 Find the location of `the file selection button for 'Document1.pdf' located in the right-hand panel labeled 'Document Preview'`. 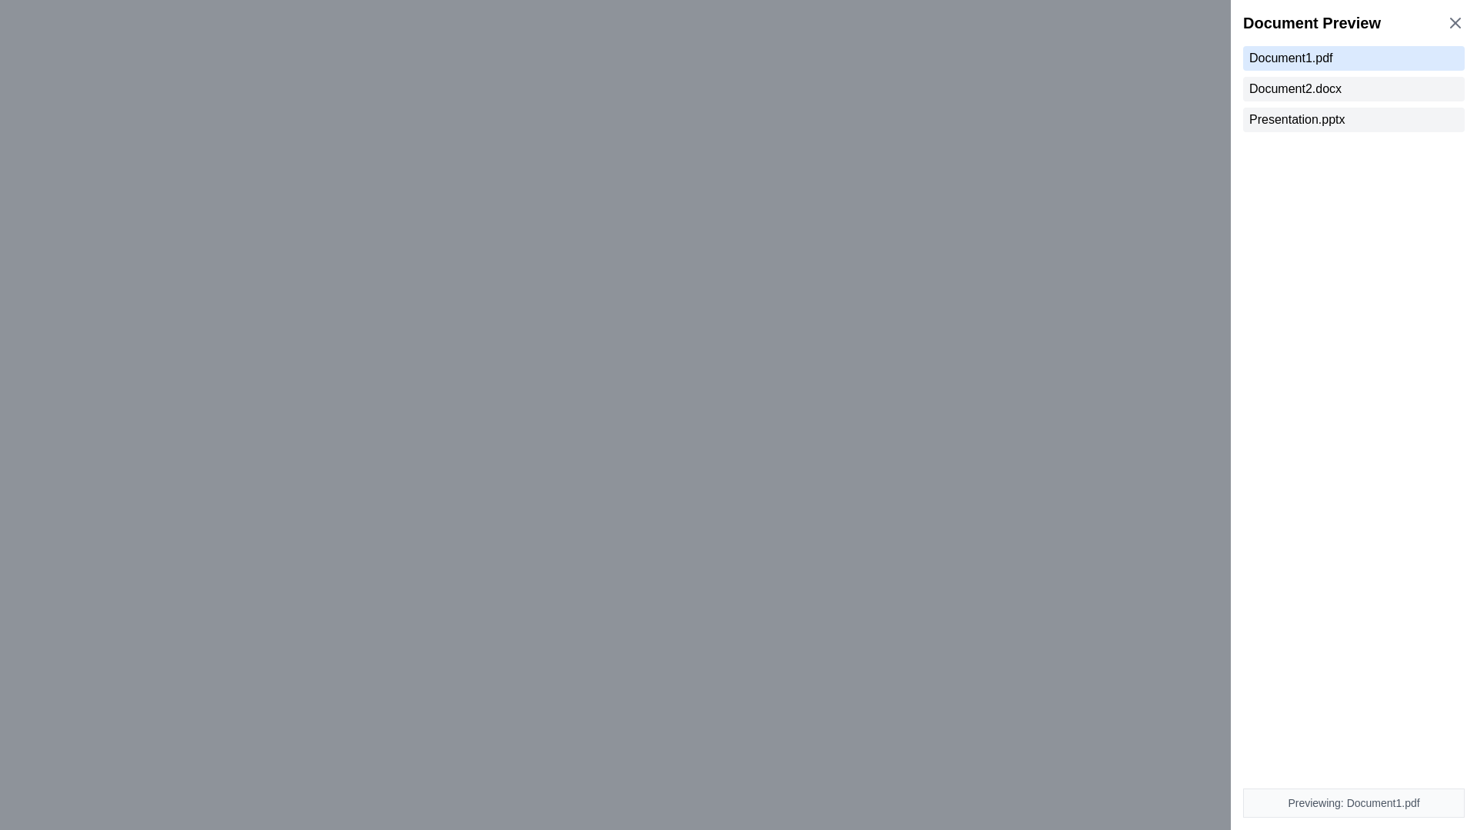

the file selection button for 'Document1.pdf' located in the right-hand panel labeled 'Document Preview' is located at coordinates (1354, 58).